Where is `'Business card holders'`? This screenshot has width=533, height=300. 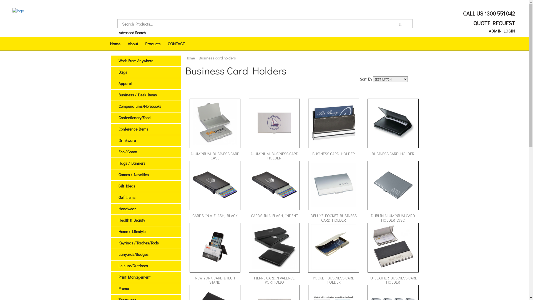 'Business card holders' is located at coordinates (217, 58).